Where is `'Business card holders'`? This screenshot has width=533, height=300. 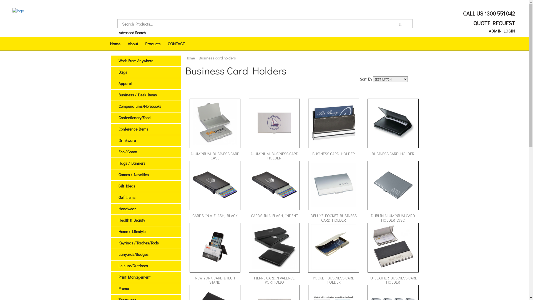 'Business card holders' is located at coordinates (217, 58).